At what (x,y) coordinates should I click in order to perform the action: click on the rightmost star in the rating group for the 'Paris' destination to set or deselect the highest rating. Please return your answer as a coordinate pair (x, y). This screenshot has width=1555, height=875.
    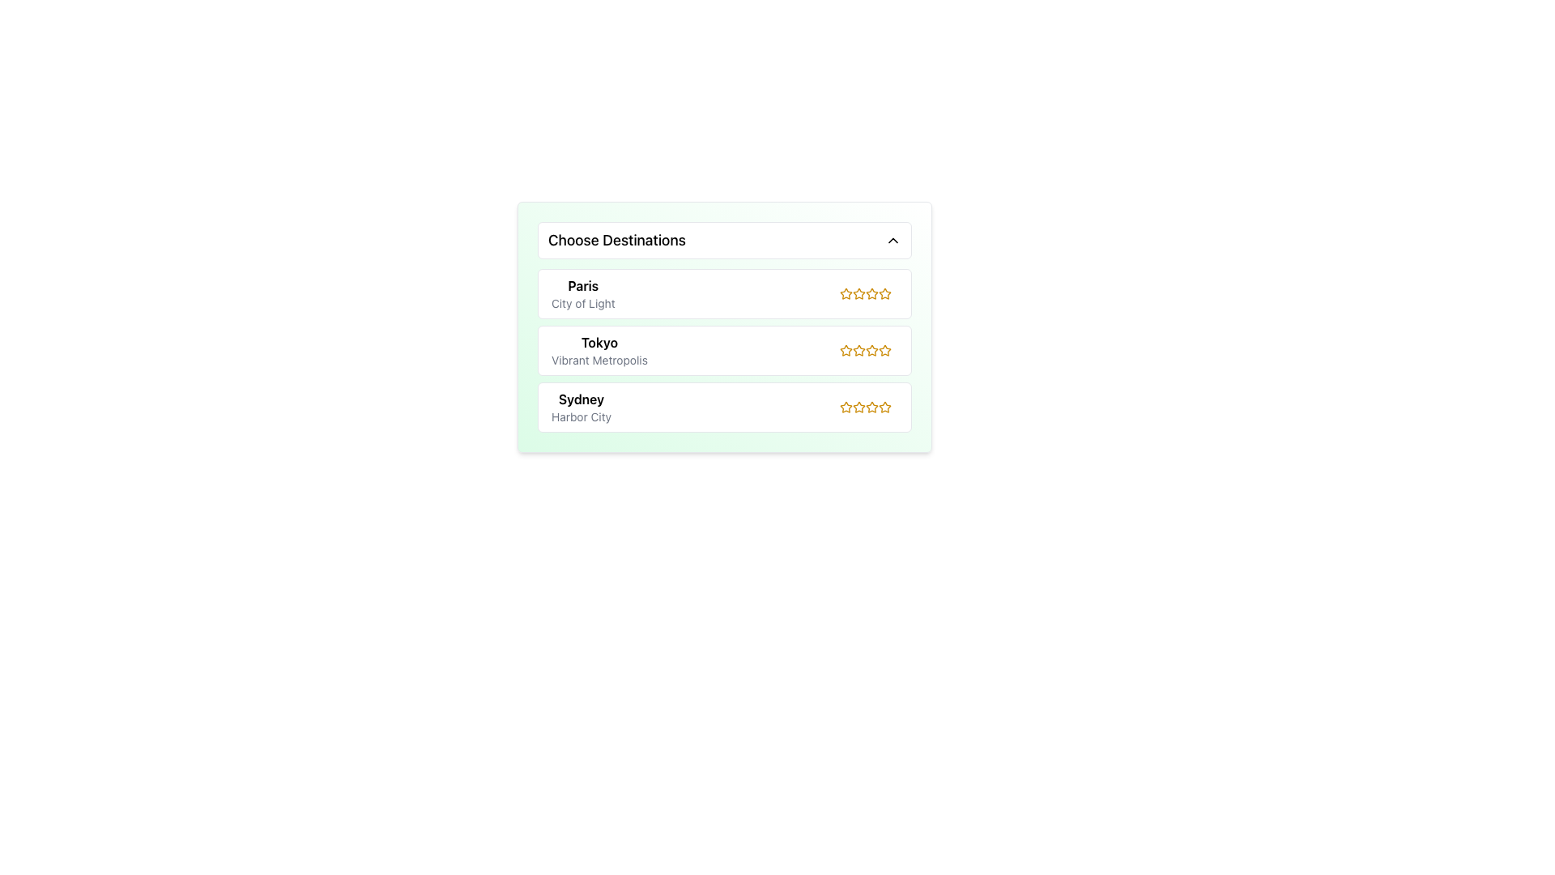
    Looking at the image, I should click on (884, 293).